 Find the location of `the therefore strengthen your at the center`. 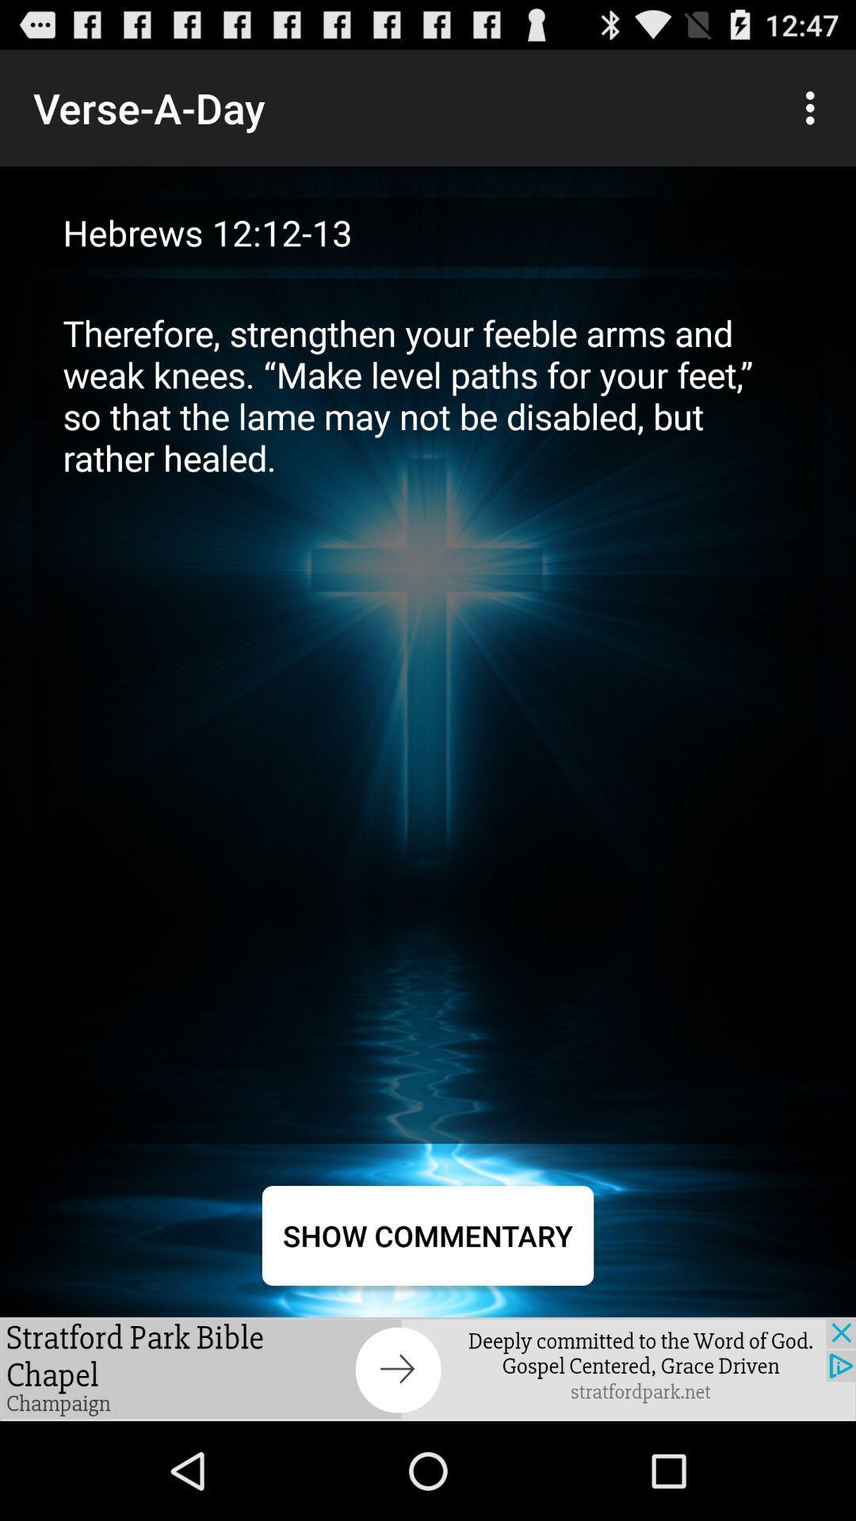

the therefore strengthen your at the center is located at coordinates (428, 710).